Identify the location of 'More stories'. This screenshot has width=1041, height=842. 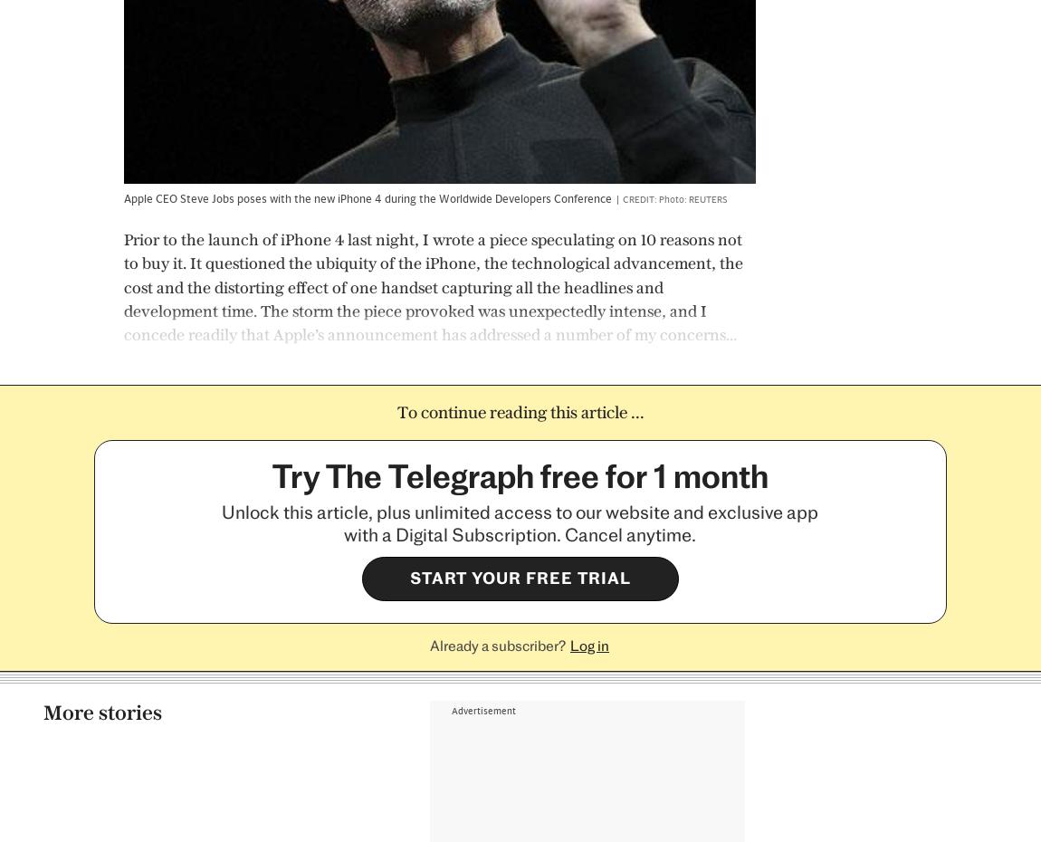
(107, 382).